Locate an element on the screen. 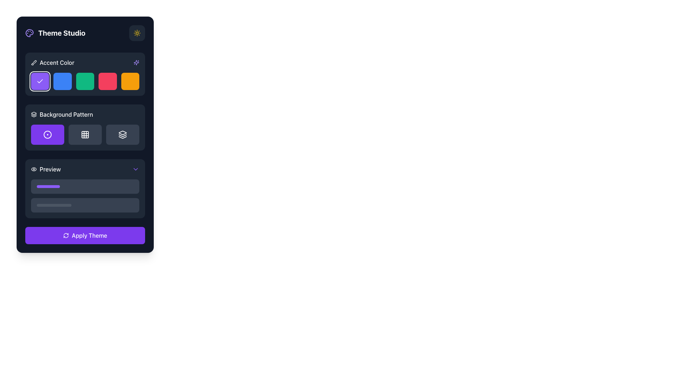 The image size is (693, 389). the fifth button in the row of color selection buttons is located at coordinates (130, 81).